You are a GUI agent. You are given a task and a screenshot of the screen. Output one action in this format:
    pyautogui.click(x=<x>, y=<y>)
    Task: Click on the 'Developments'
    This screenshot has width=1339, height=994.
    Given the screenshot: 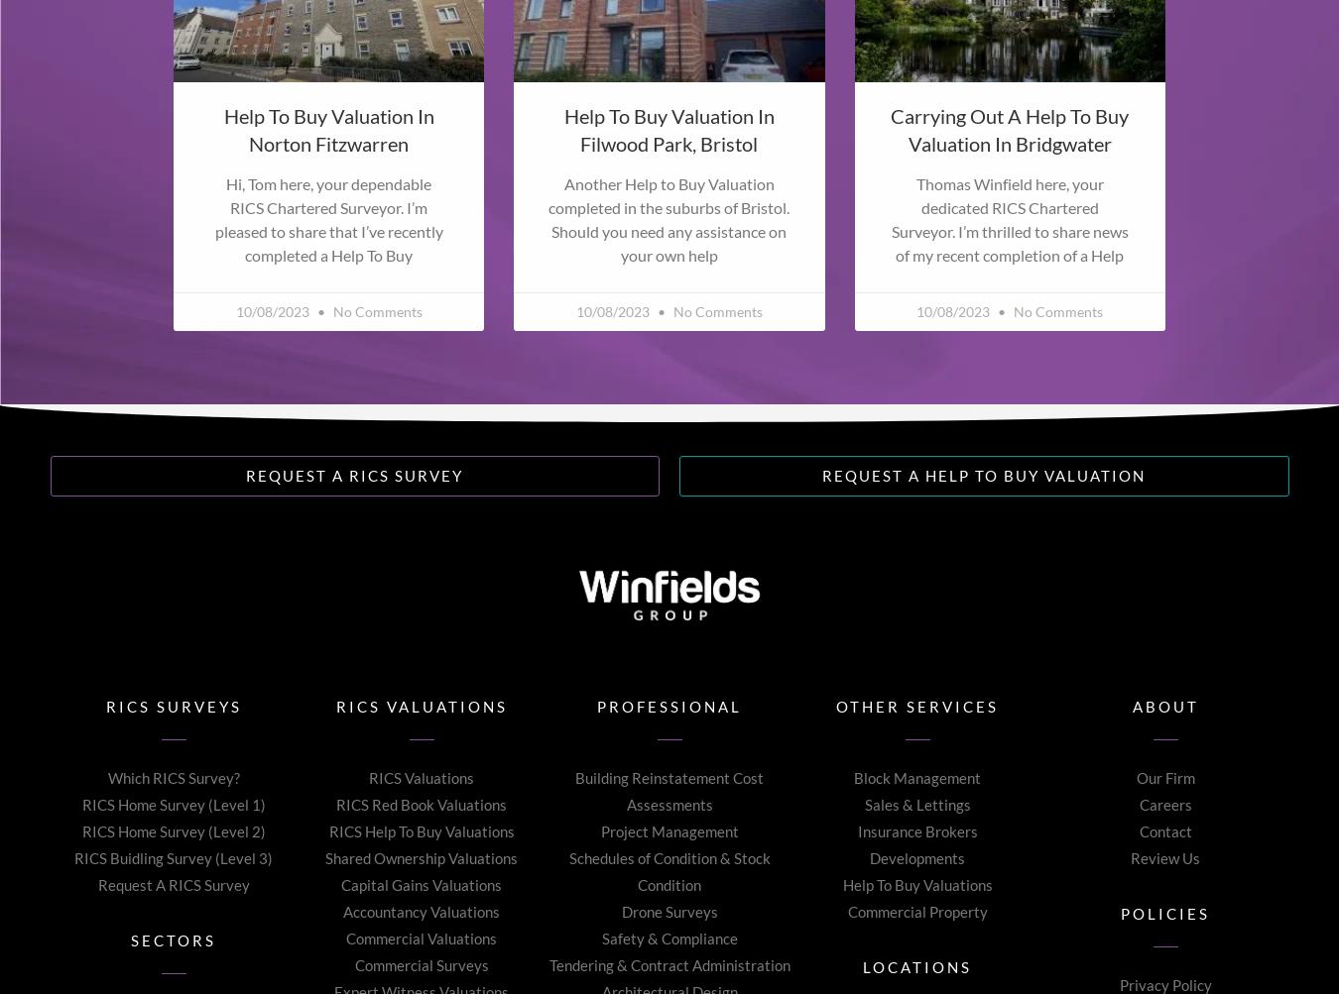 What is the action you would take?
    pyautogui.click(x=869, y=857)
    